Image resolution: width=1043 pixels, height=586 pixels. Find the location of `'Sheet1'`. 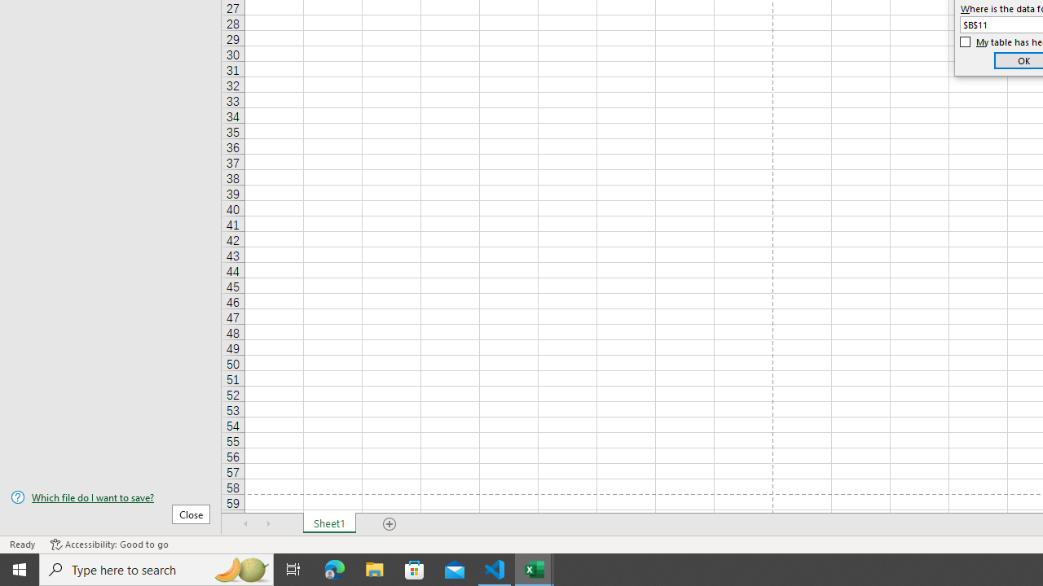

'Sheet1' is located at coordinates (328, 524).